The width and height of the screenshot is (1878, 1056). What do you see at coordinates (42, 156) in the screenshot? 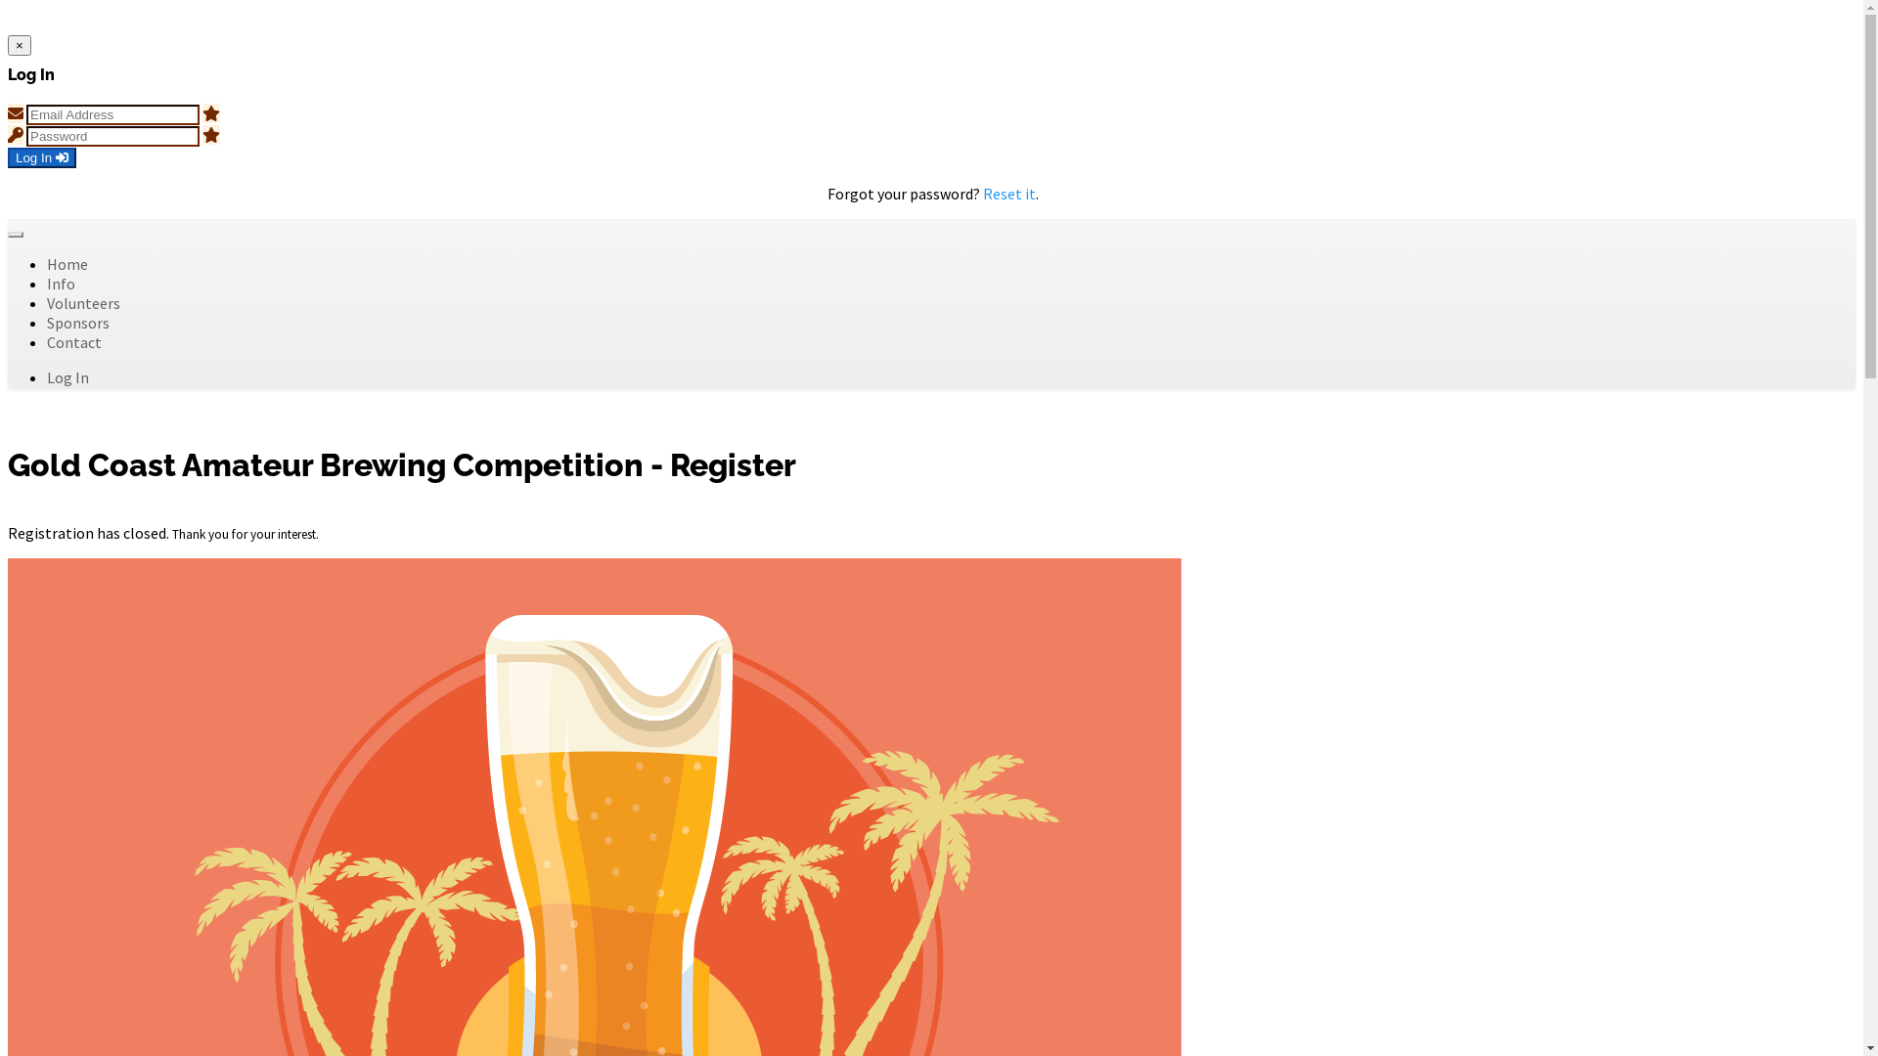
I see `'Log In'` at bounding box center [42, 156].